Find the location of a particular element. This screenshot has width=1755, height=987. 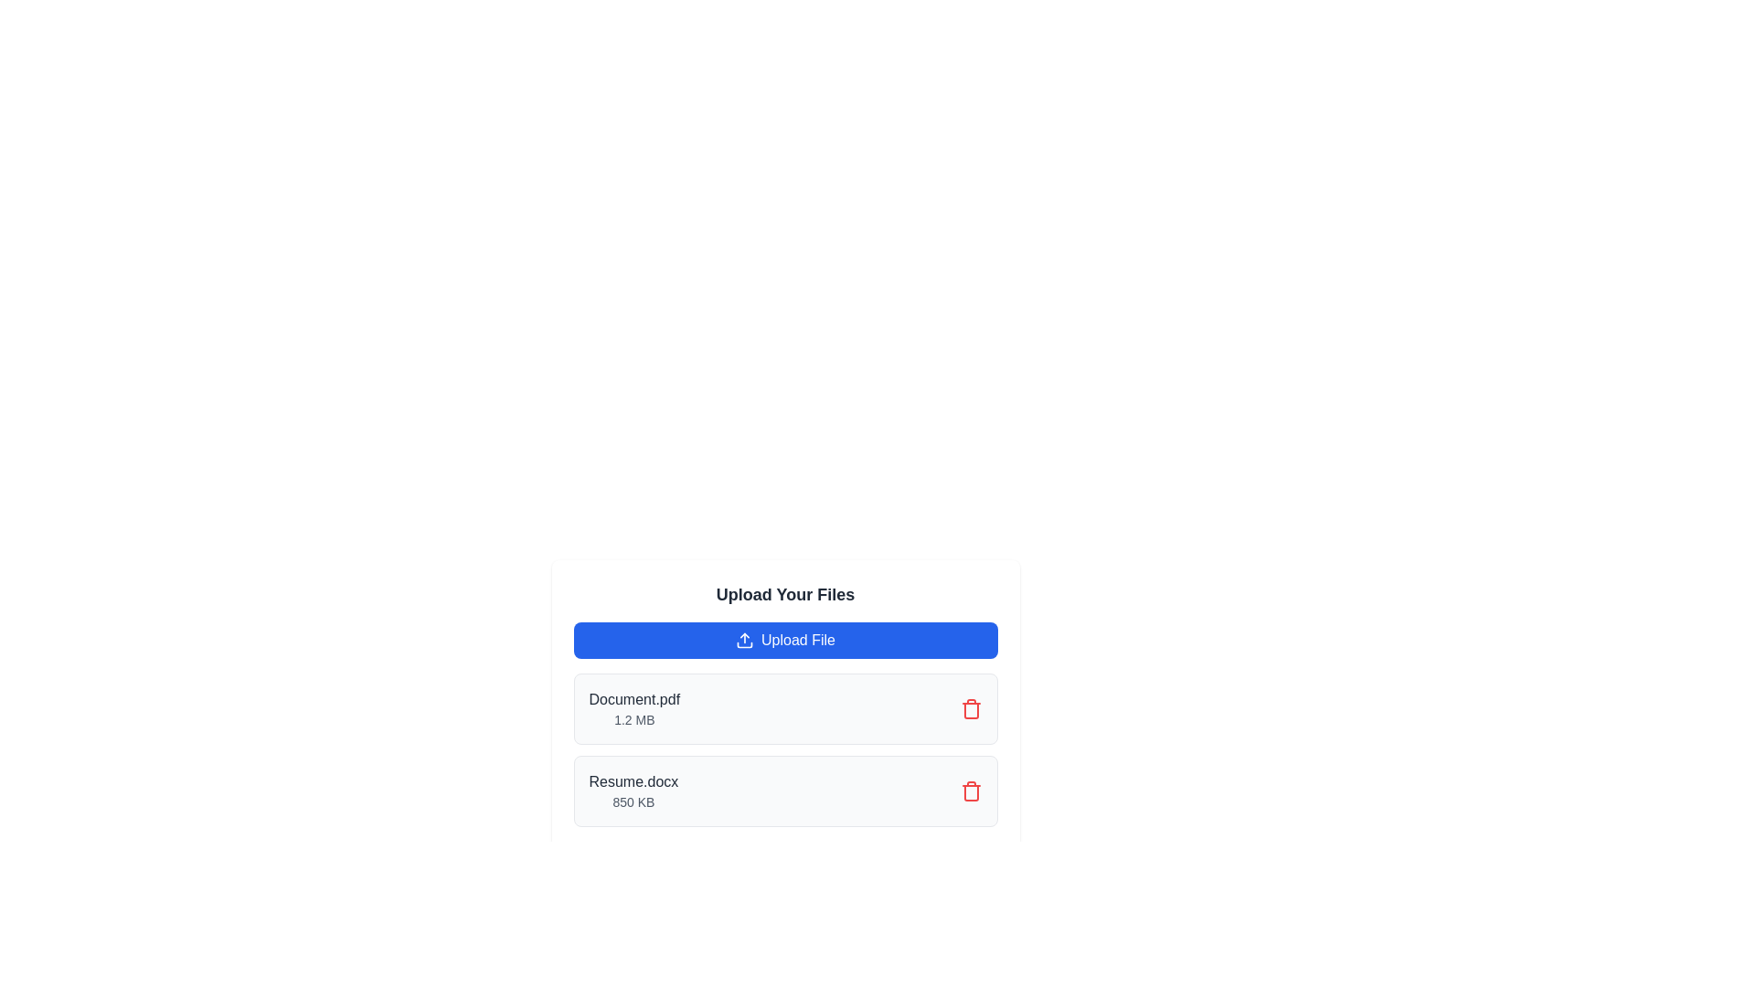

the first file entry in the list of uploaded files, which is located directly beneath the 'Upload File' button and above 'Resume.docx 850 KB' is located at coordinates (785, 707).